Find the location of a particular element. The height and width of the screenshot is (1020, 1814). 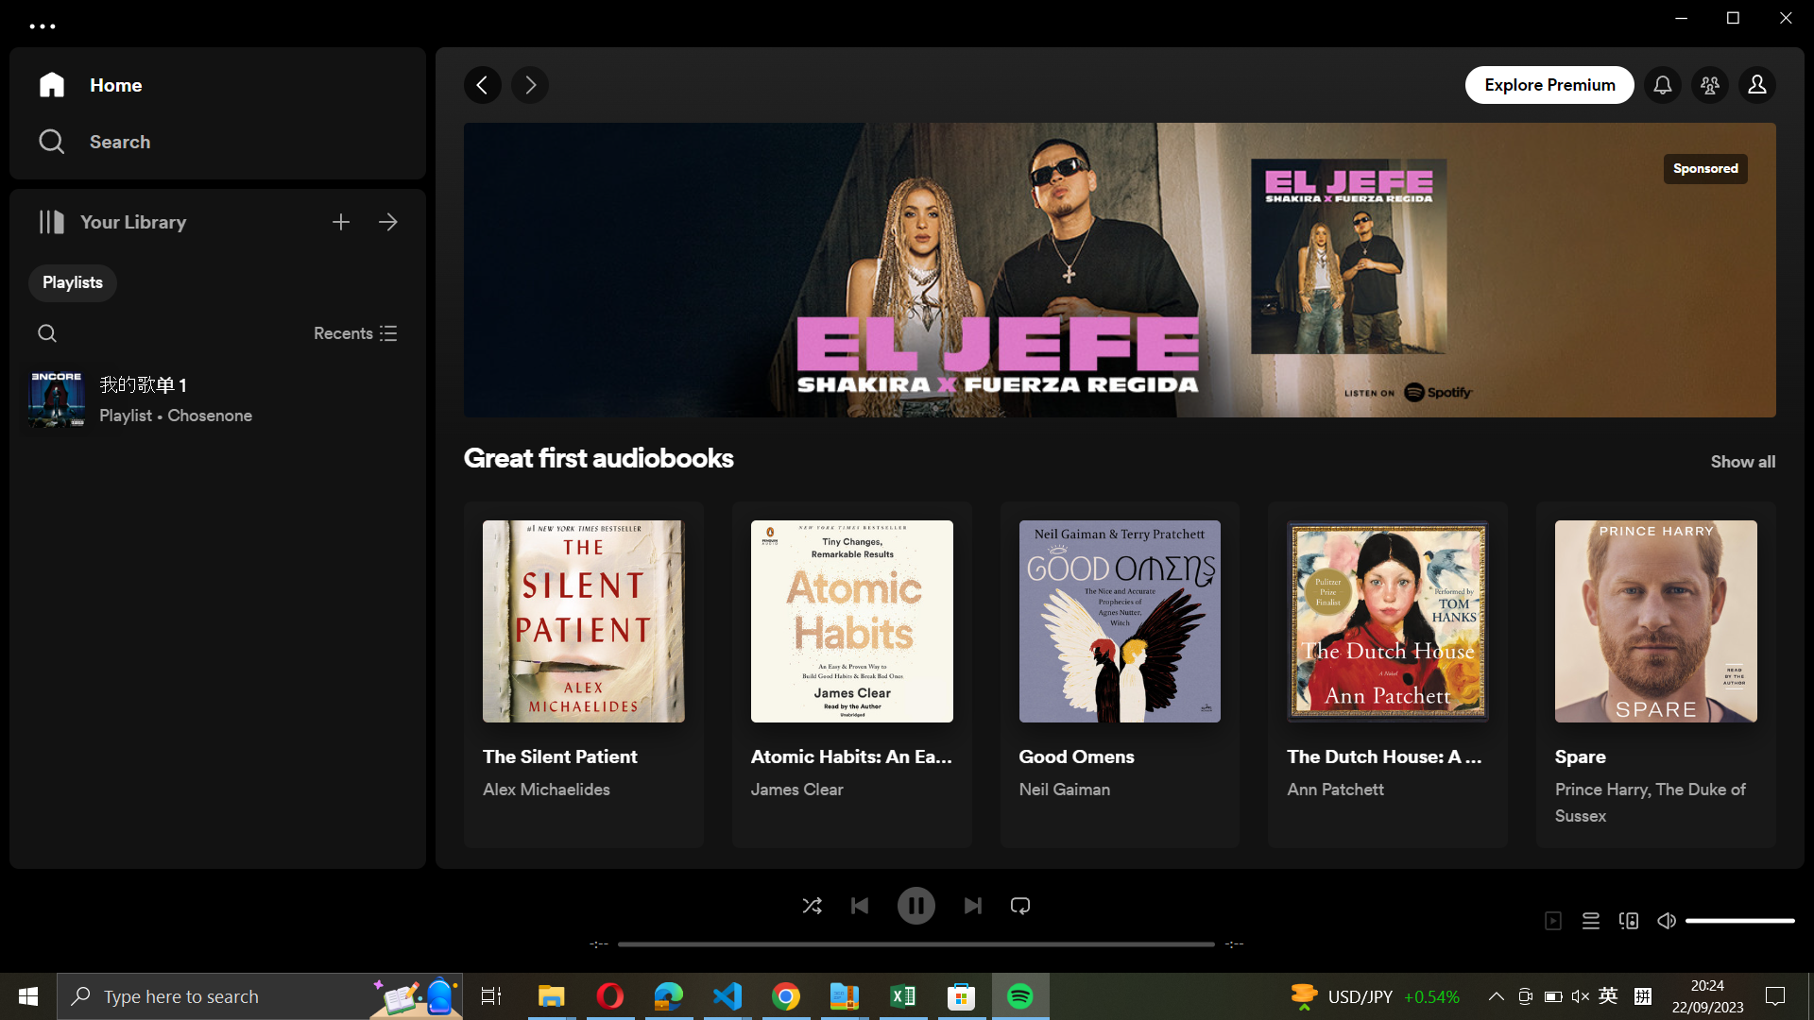

Close down currently played audiobooks is located at coordinates (355, 331).